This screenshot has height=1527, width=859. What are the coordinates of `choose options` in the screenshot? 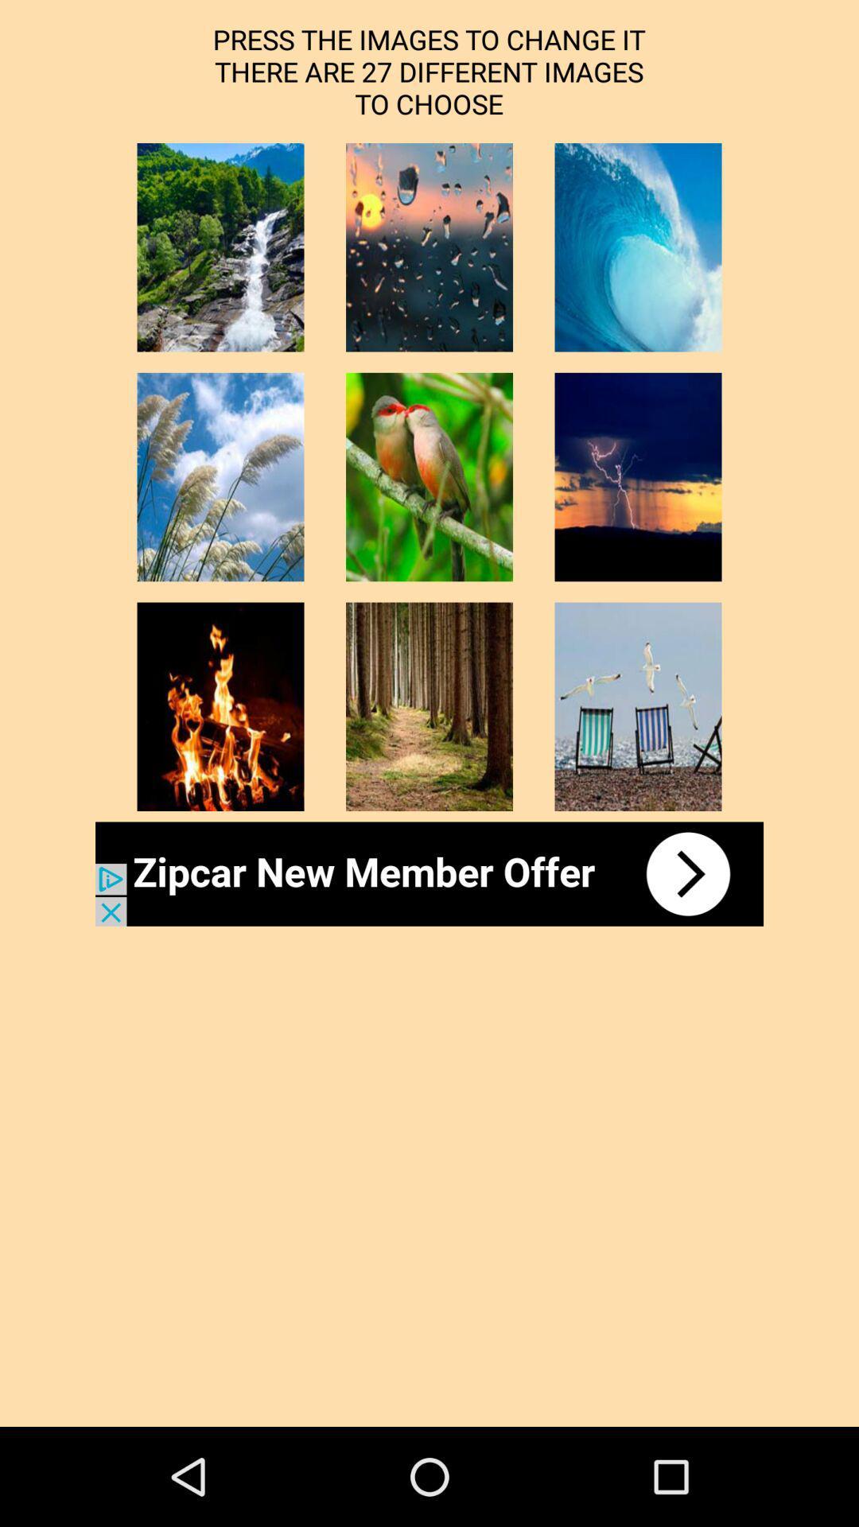 It's located at (220, 705).